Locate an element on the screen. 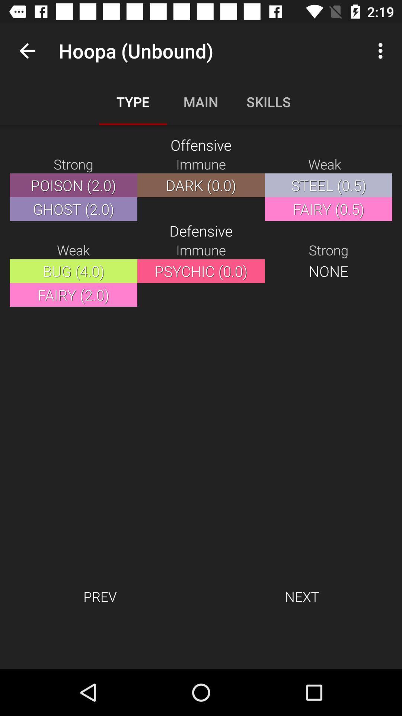  next is located at coordinates (302, 596).